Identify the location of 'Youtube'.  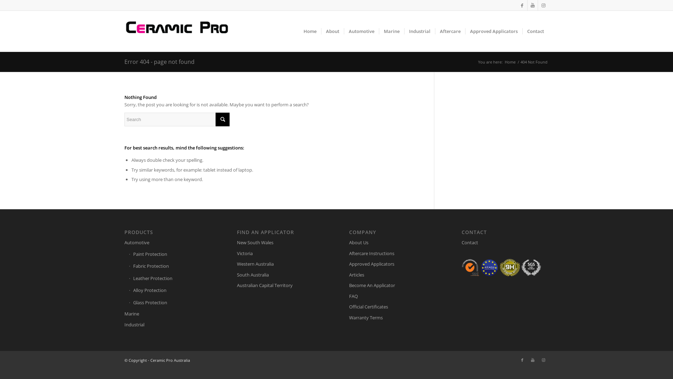
(533, 360).